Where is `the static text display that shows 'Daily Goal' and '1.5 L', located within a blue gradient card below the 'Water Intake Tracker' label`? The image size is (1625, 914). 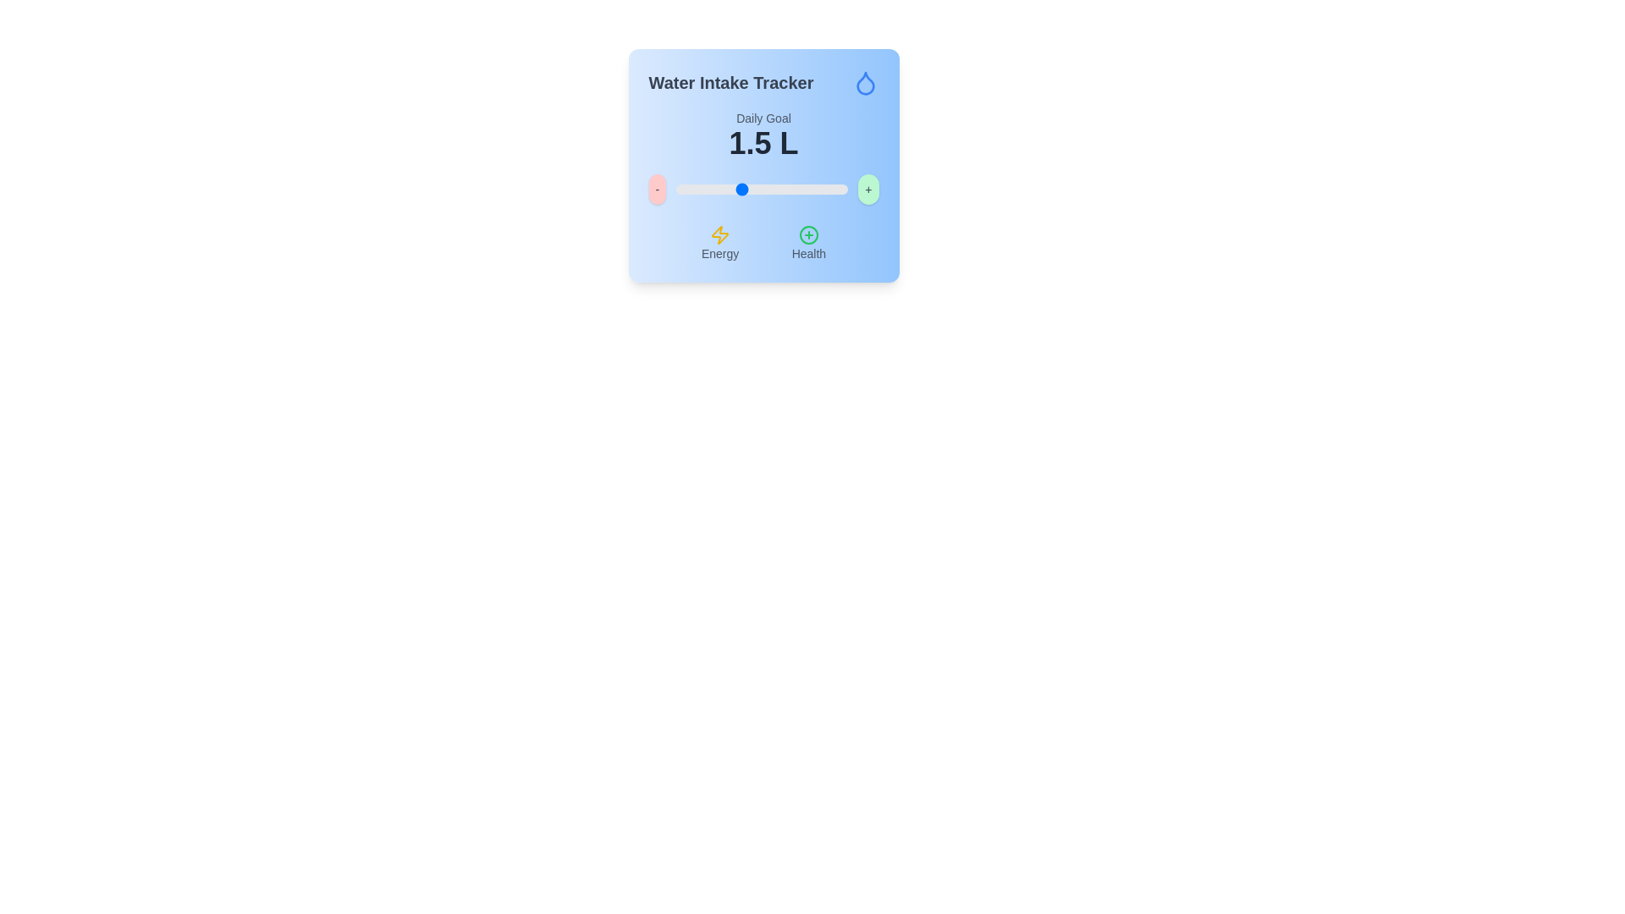 the static text display that shows 'Daily Goal' and '1.5 L', located within a blue gradient card below the 'Water Intake Tracker' label is located at coordinates (763, 134).